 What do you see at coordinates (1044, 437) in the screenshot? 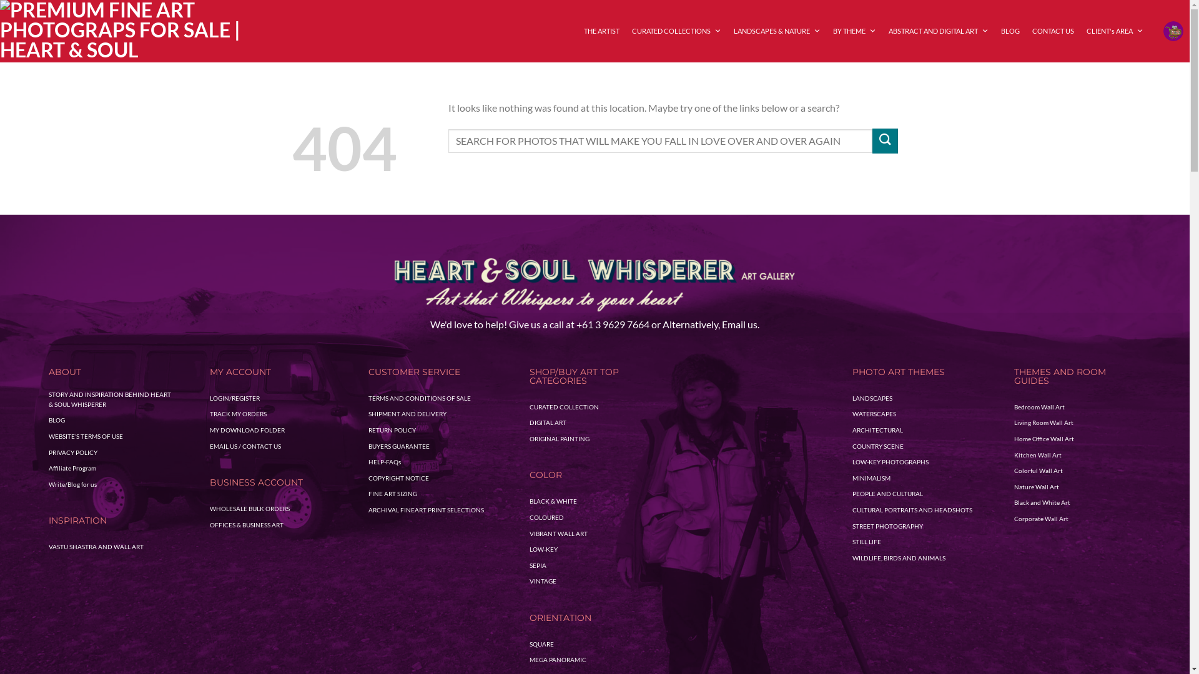
I see `'Home Office Wall Art'` at bounding box center [1044, 437].